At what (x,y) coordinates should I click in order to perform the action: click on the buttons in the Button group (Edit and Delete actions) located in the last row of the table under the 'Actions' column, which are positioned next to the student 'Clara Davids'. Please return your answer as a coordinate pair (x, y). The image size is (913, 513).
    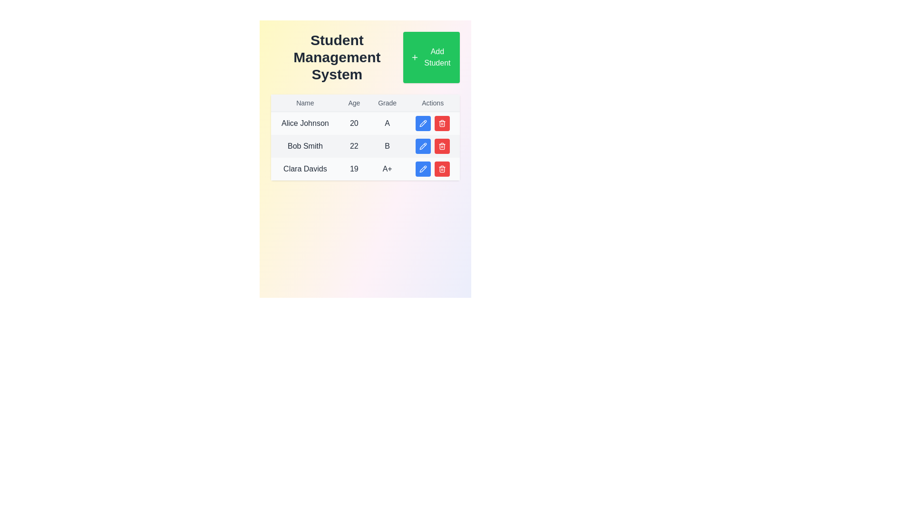
    Looking at the image, I should click on (432, 168).